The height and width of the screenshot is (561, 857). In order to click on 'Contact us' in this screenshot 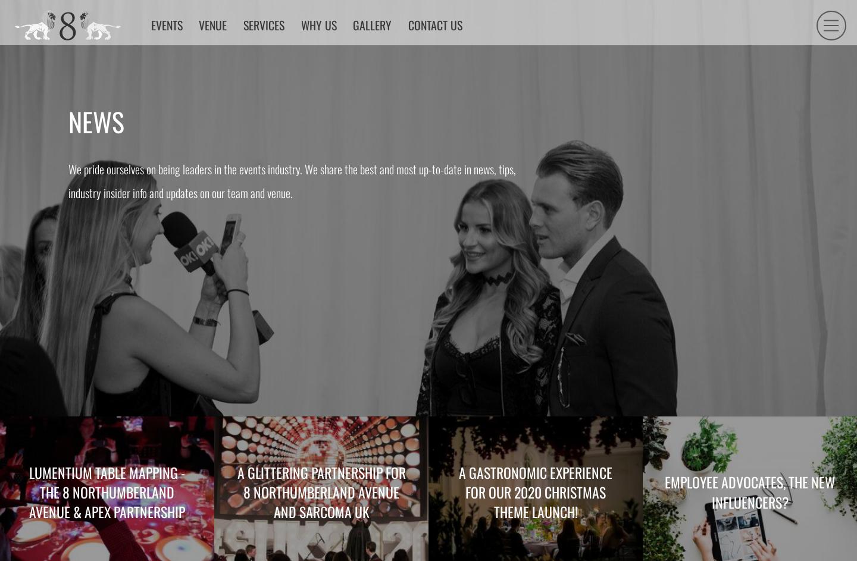, I will do `click(489, 56)`.